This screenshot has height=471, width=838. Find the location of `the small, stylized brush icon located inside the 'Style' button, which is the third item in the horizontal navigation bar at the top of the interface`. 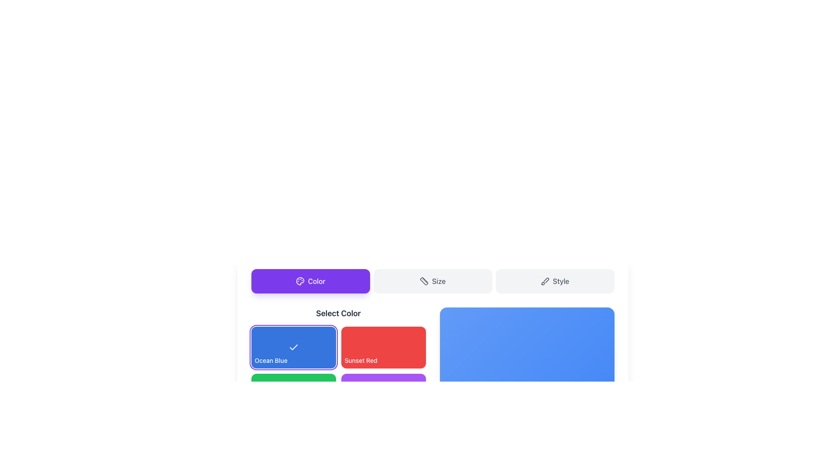

the small, stylized brush icon located inside the 'Style' button, which is the third item in the horizontal navigation bar at the top of the interface is located at coordinates (544, 281).